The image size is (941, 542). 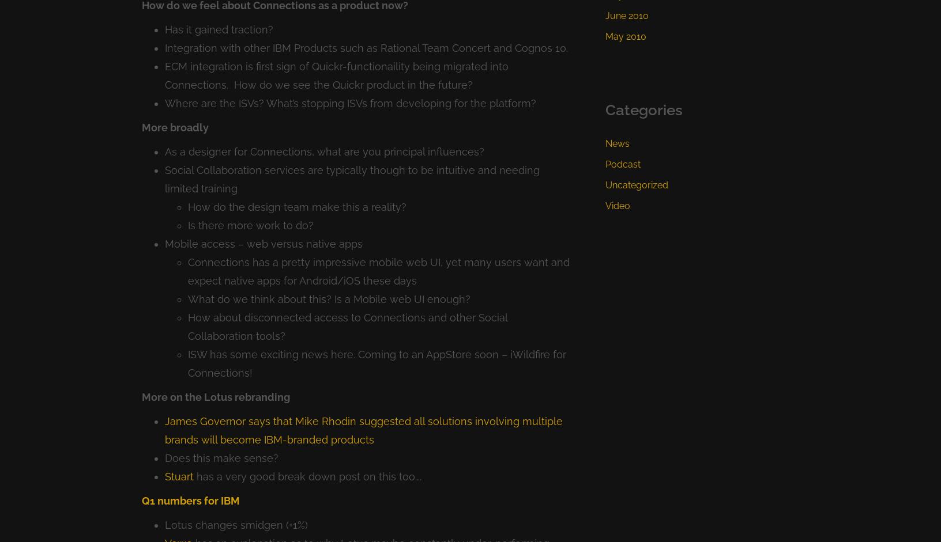 What do you see at coordinates (235, 524) in the screenshot?
I see `'Lotus changes smidgen (+1%)'` at bounding box center [235, 524].